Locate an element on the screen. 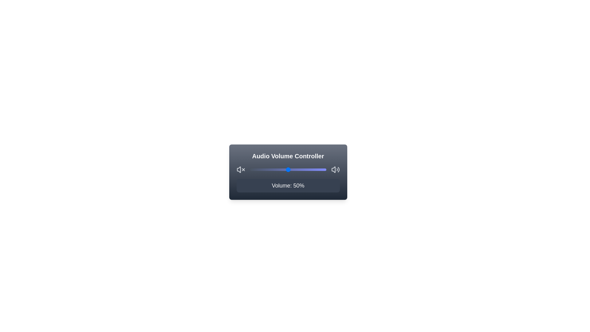 Image resolution: width=590 pixels, height=332 pixels. the volume to 50% using the slider is located at coordinates (288, 169).